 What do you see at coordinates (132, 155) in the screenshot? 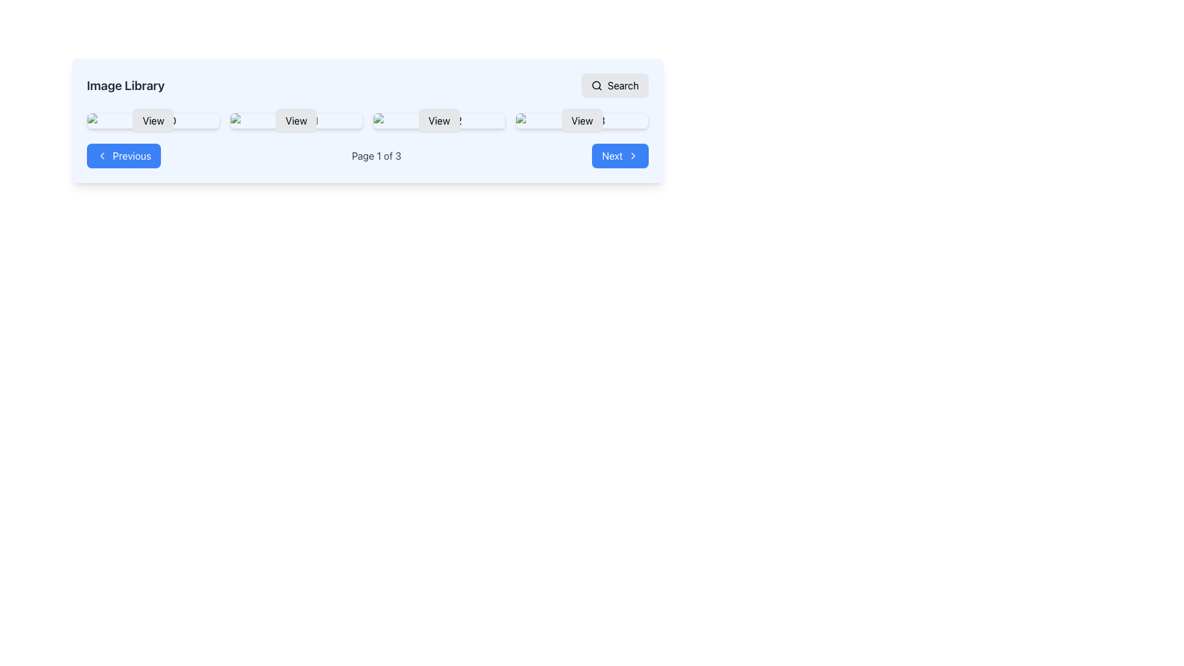
I see `the 'Previous' text label of the navigation button located on the left side of the 'Image Library' navigation panel` at bounding box center [132, 155].